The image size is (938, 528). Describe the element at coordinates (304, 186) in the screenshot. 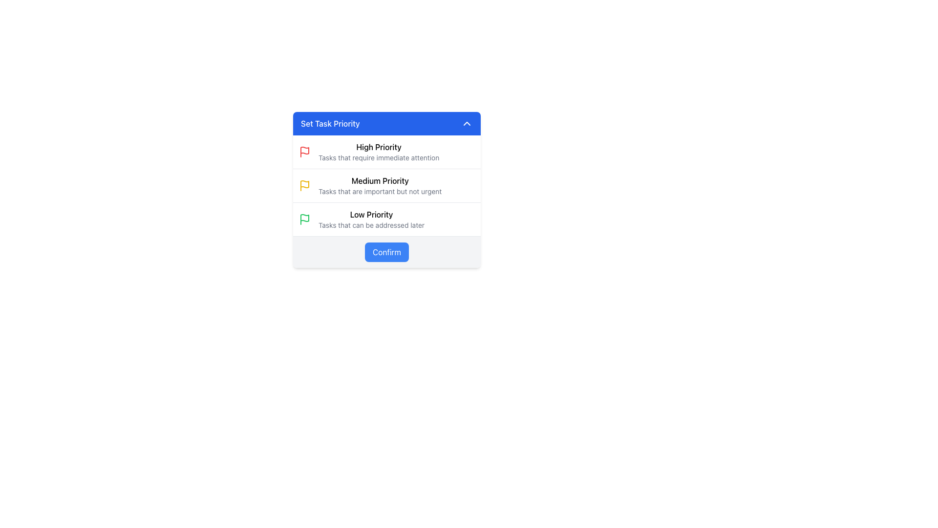

I see `the medium-priority status icon, which is the first element in the 'Medium Priority' entry, located to the left of the text 'Medium Priority'` at that location.